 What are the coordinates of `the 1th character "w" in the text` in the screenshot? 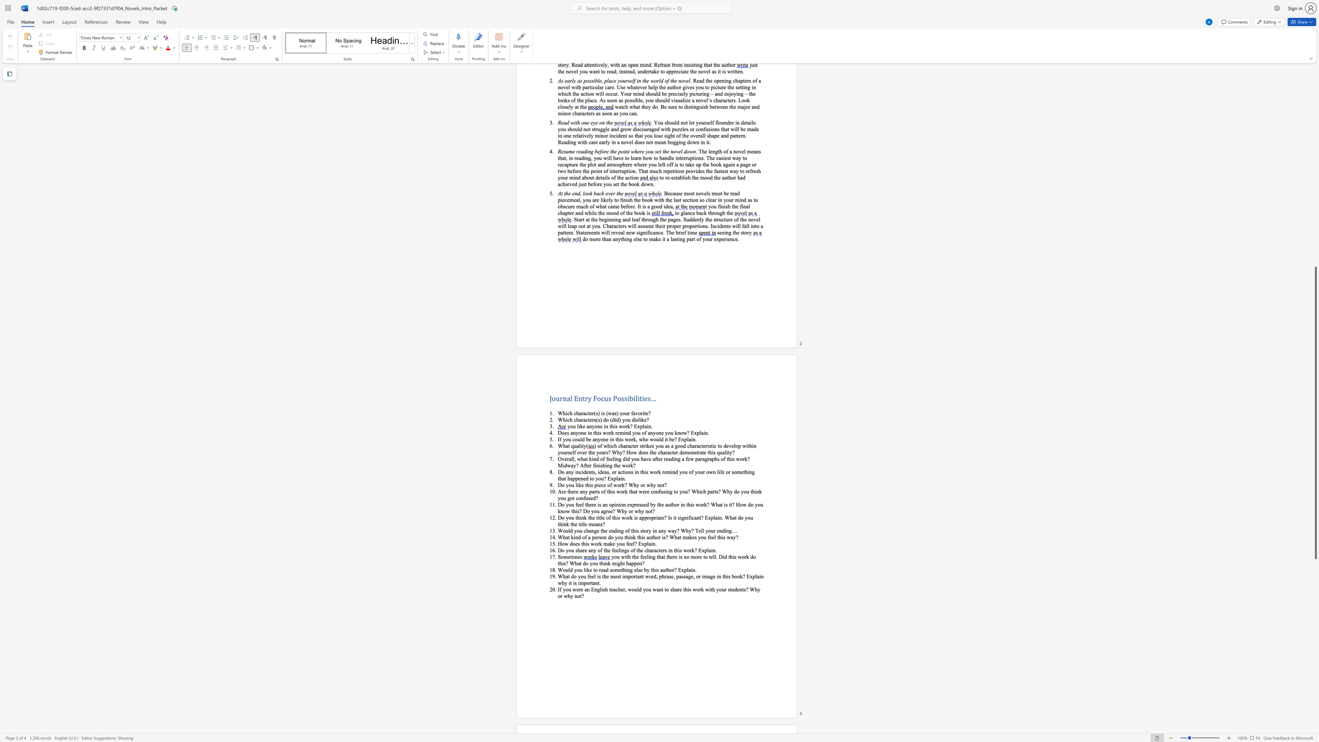 It's located at (615, 485).